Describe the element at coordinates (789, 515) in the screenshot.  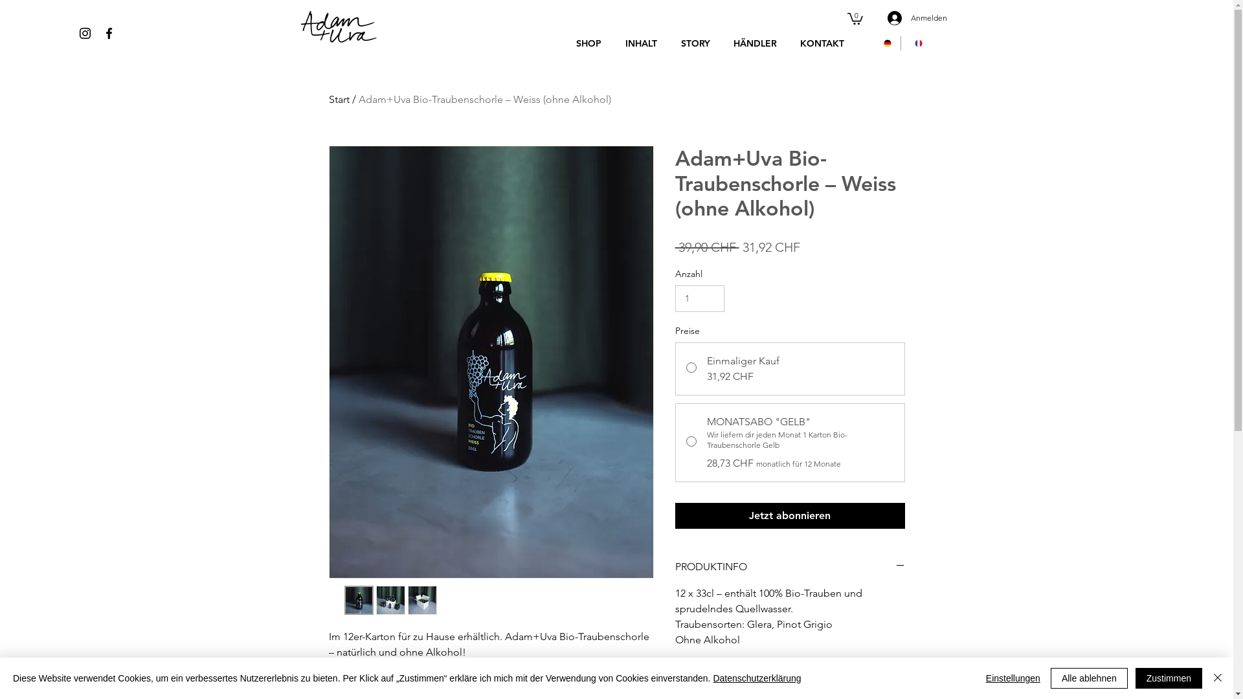
I see `'Jetzt abonnieren'` at that location.